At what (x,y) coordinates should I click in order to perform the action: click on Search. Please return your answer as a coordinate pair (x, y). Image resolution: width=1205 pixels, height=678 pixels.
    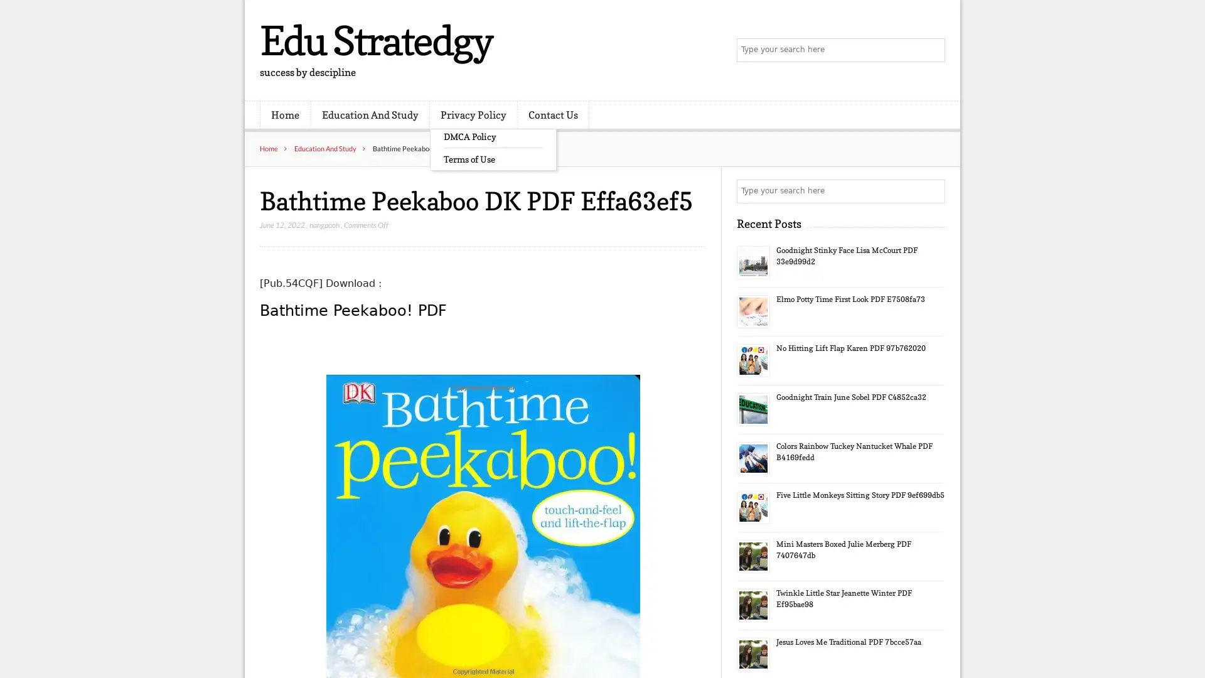
    Looking at the image, I should click on (932, 191).